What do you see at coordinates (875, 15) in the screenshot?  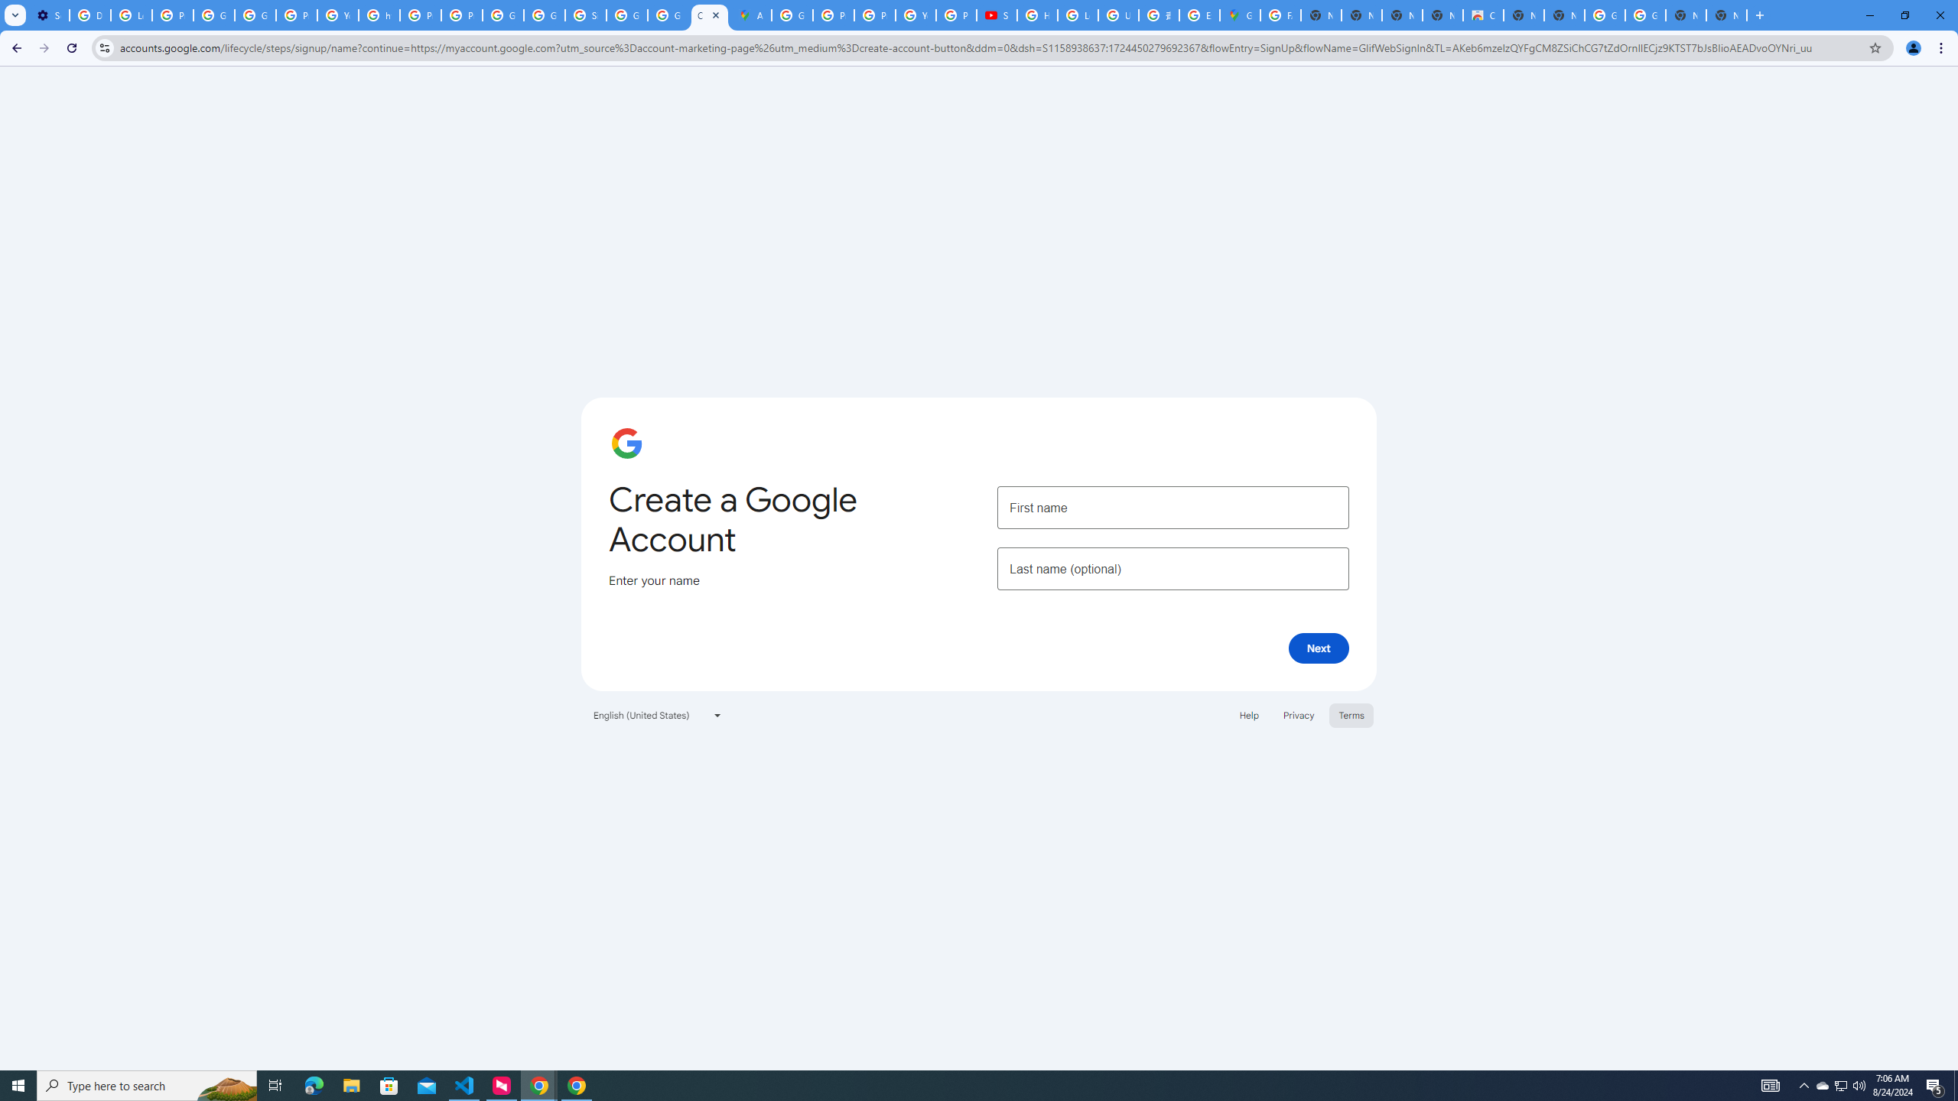 I see `'Privacy Help Center - Policies Help'` at bounding box center [875, 15].